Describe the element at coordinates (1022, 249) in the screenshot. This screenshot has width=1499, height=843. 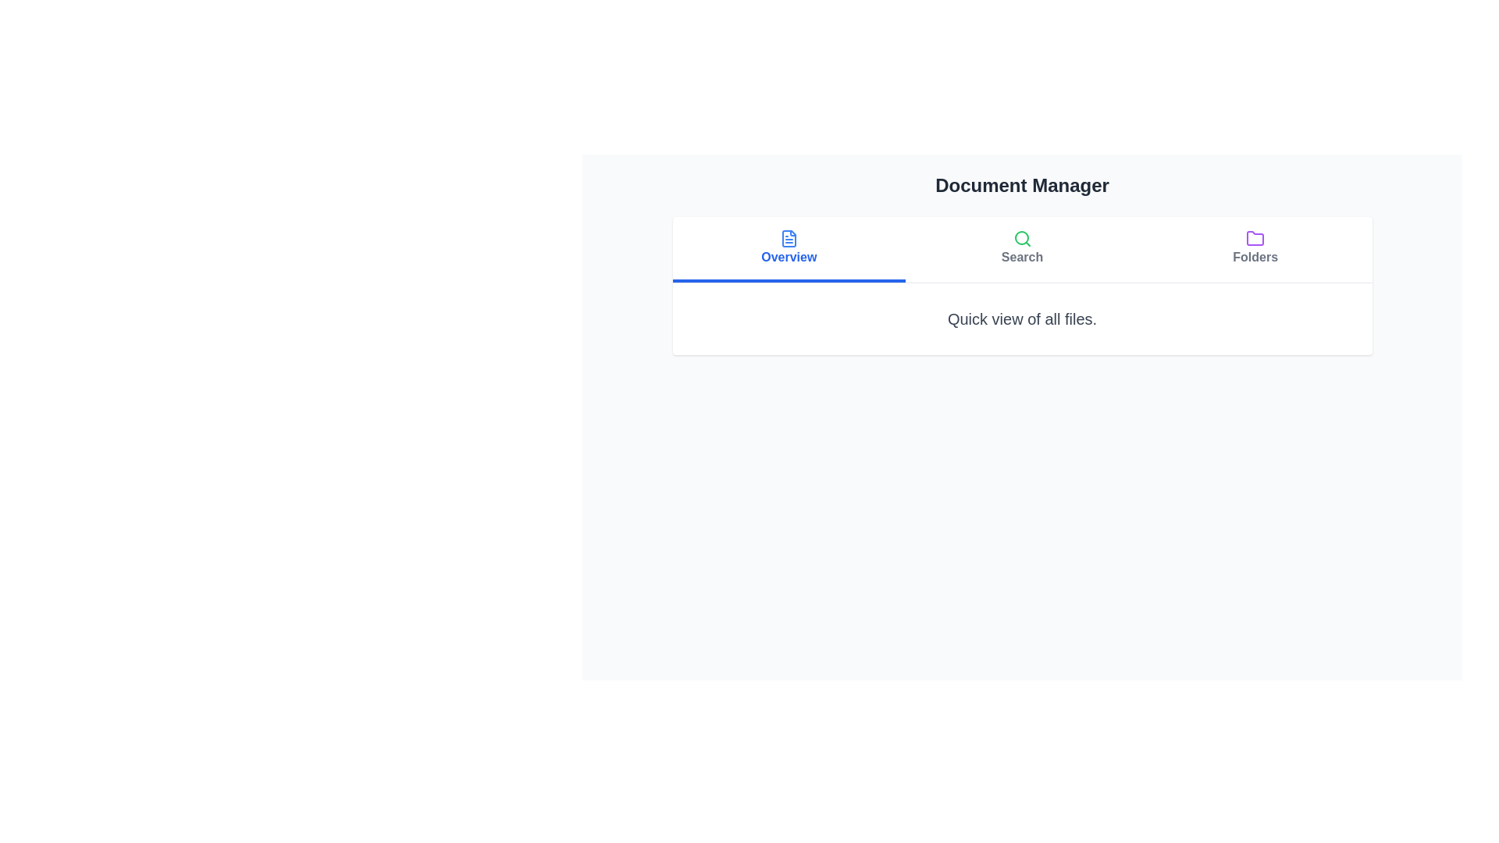
I see `the 'Search' navigation tab button located in the center header section of the application` at that location.